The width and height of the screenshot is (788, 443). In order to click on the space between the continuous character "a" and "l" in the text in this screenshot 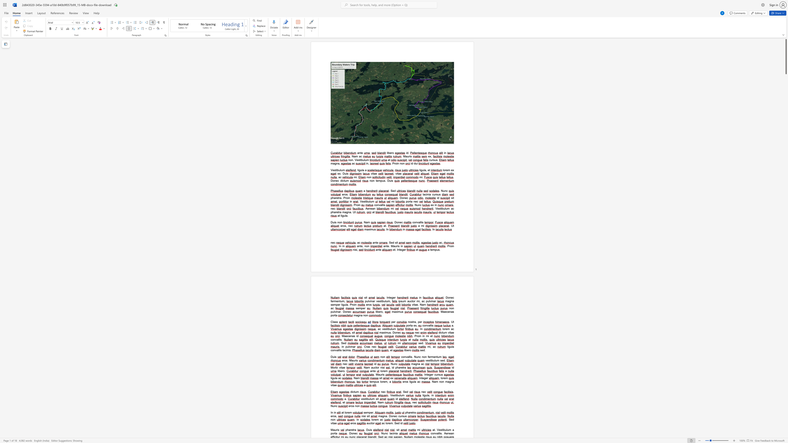, I will do `click(338, 339)`.